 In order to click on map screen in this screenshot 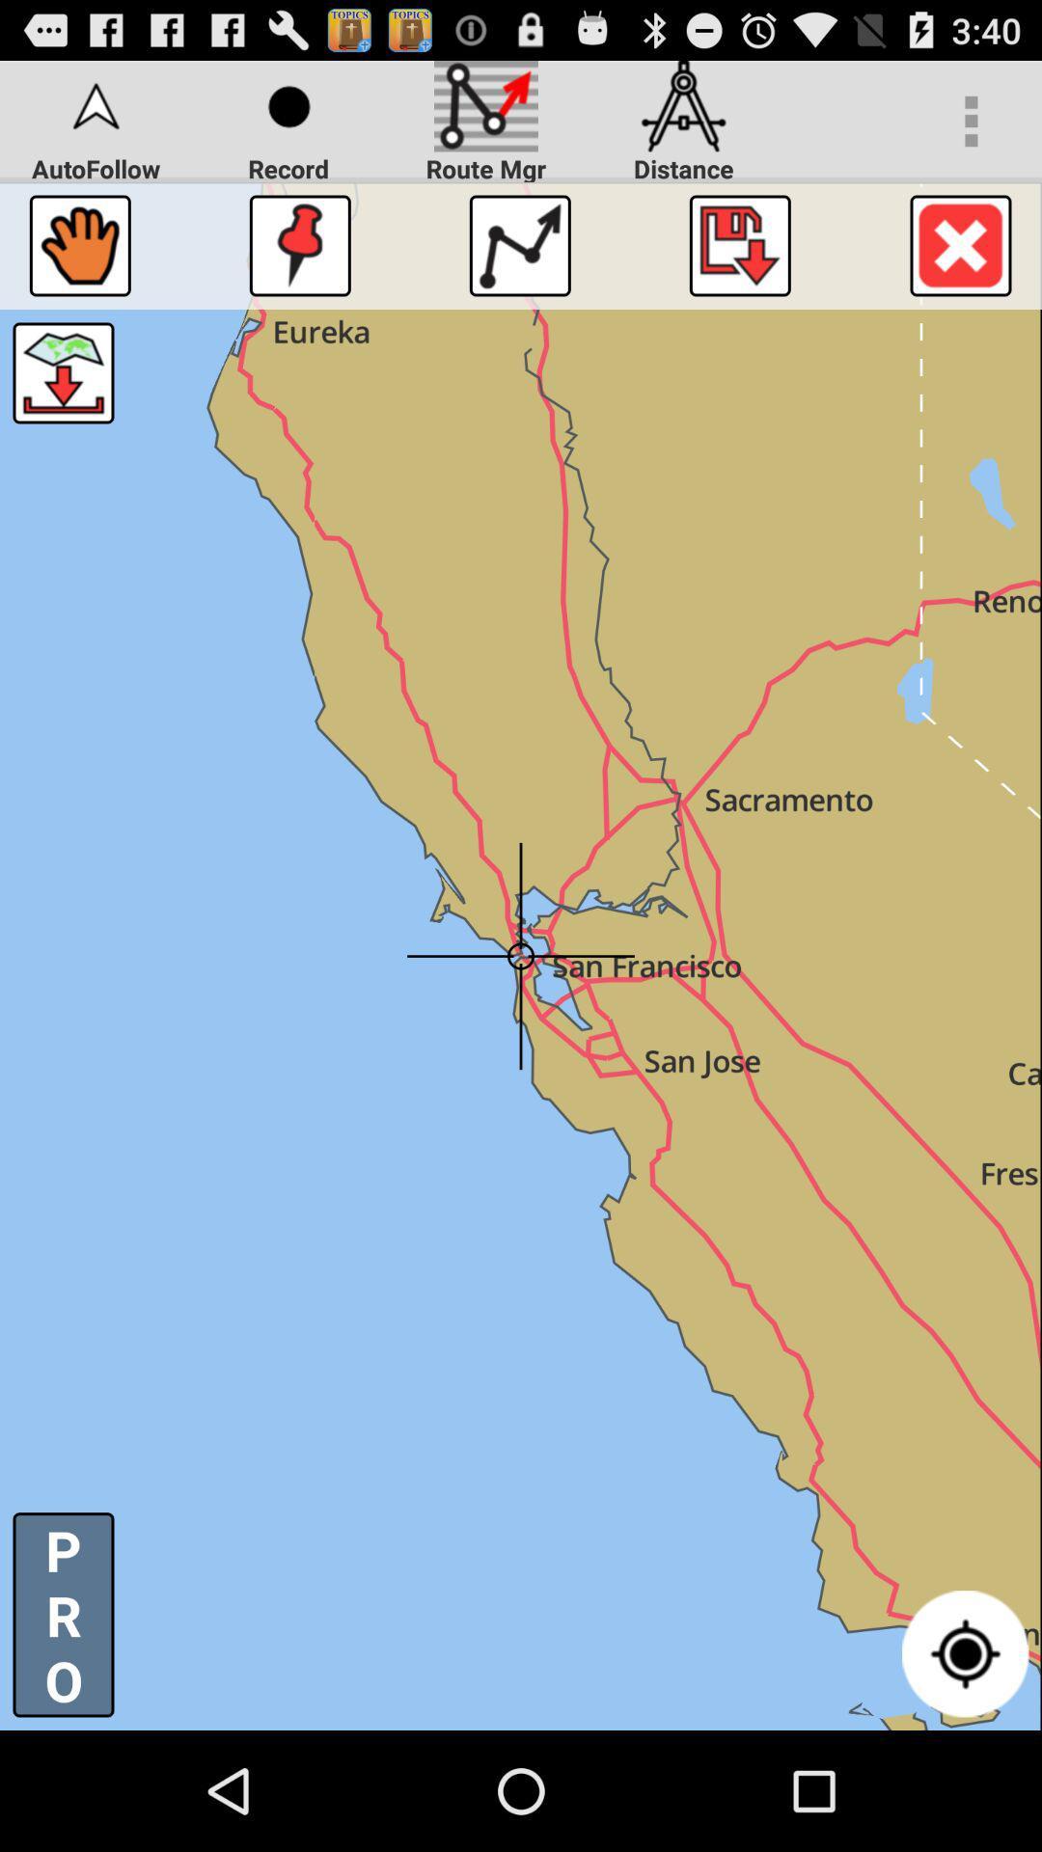, I will do `click(960, 244)`.